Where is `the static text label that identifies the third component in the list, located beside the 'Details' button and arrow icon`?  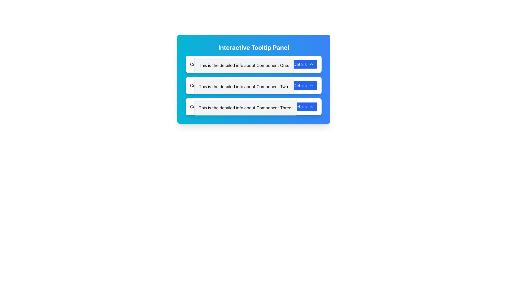 the static text label that identifies the third component in the list, located beside the 'Details' button and arrow icon is located at coordinates (207, 106).